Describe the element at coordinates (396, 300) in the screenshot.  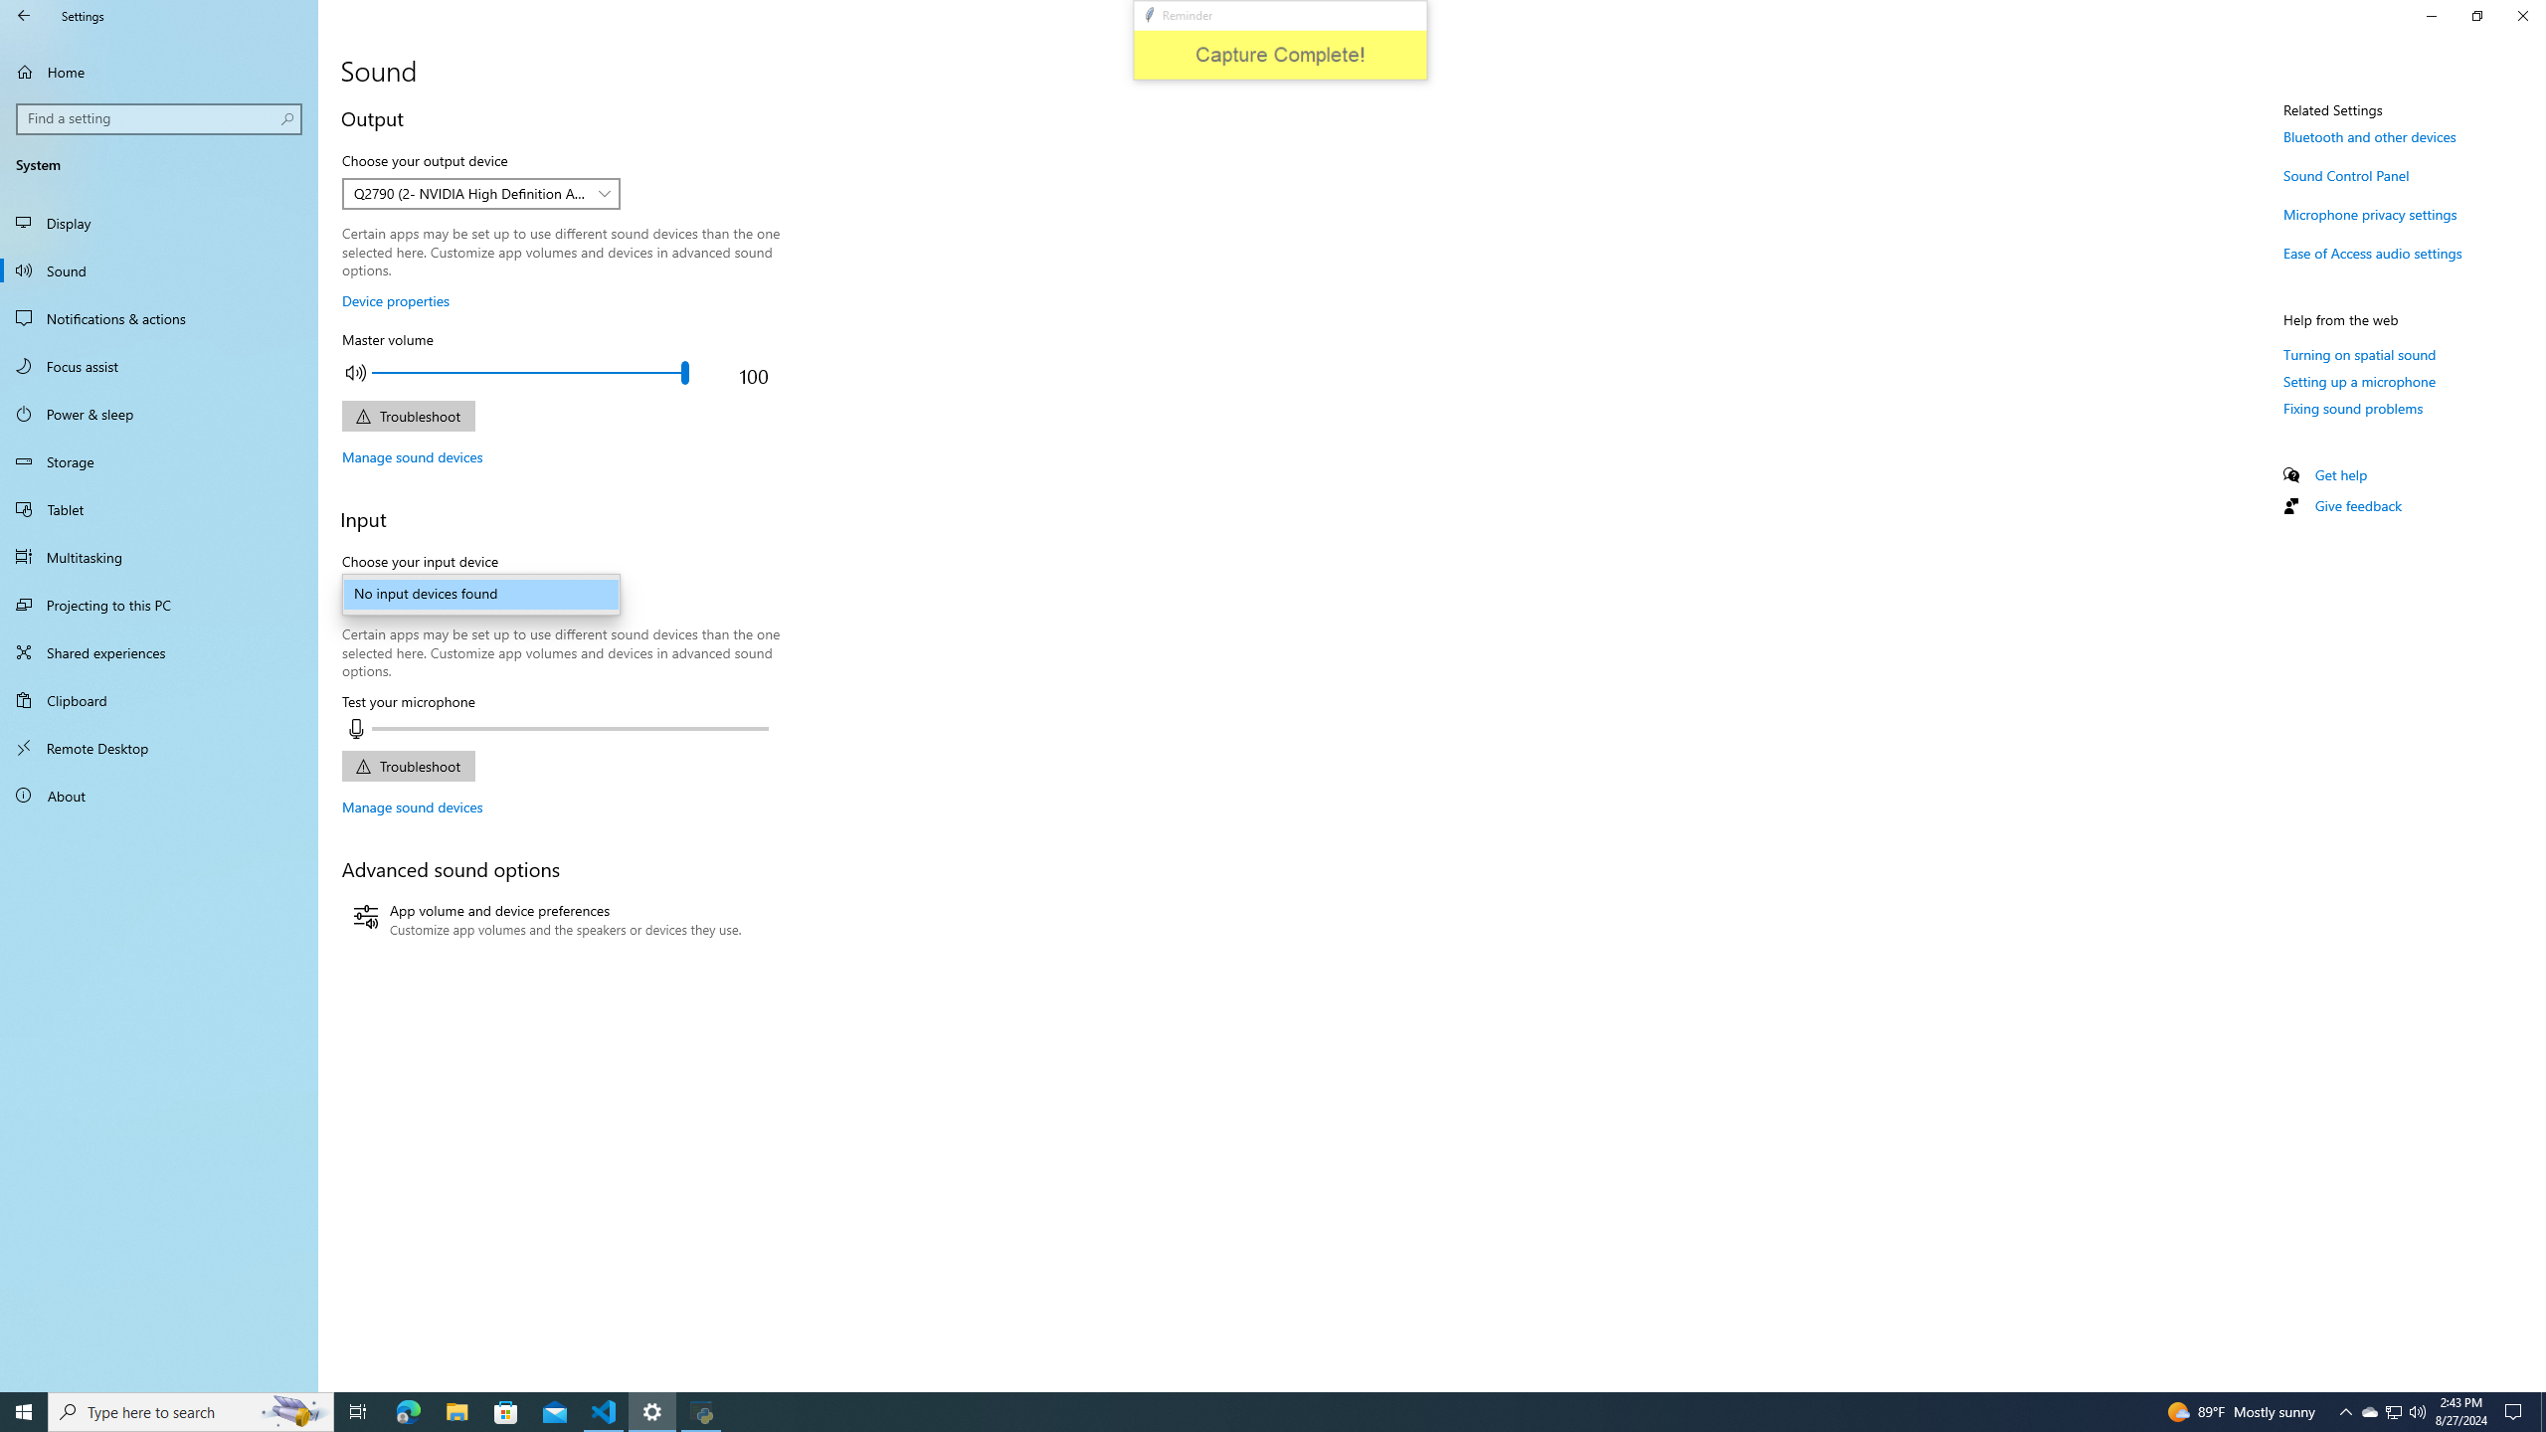
I see `'Device properties'` at that location.